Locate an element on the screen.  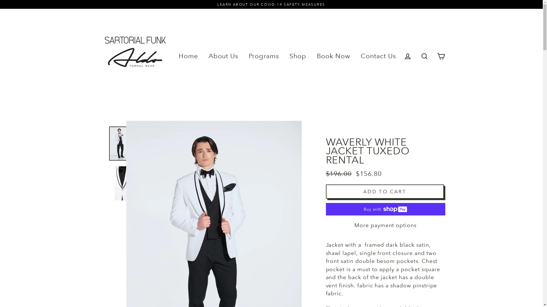
'About Us' is located at coordinates (204, 56).